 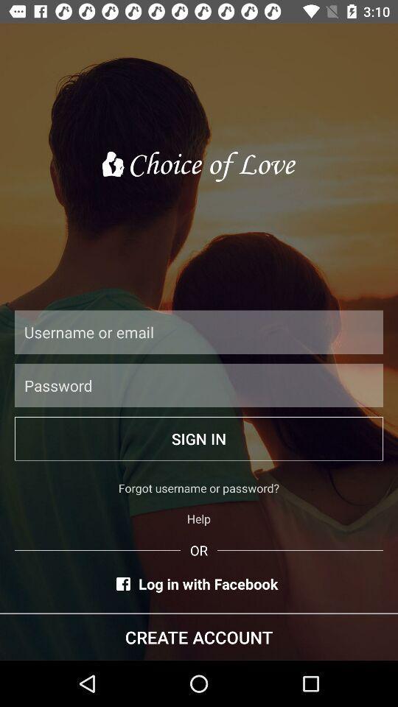 I want to click on the forgot username or icon, so click(x=199, y=488).